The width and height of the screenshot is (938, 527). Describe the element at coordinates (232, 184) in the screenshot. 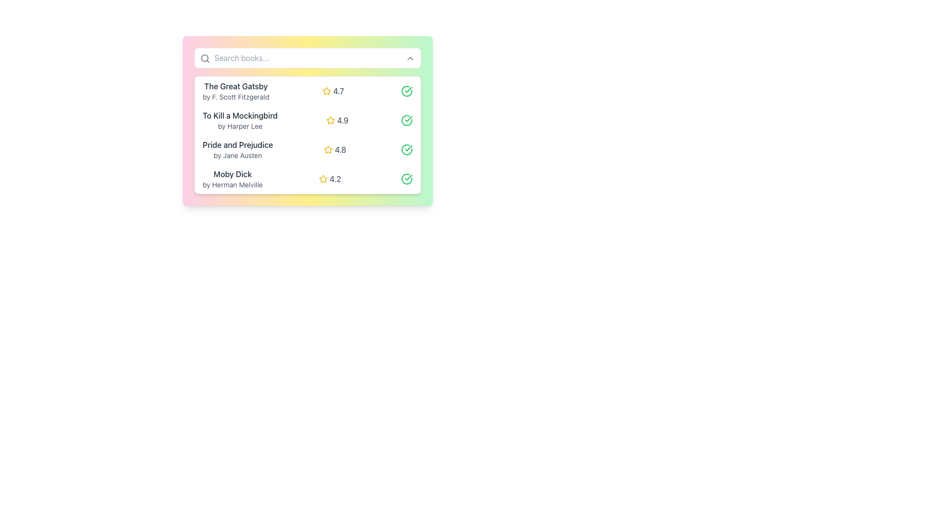

I see `the text label displaying 'by Herman Melville' located below the title 'Moby Dick' in the list of books` at that location.